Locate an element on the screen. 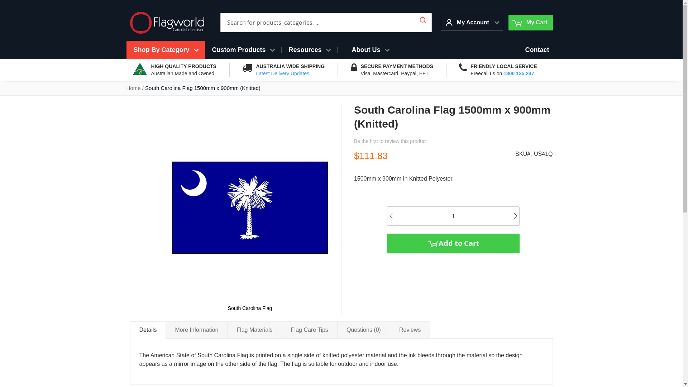 This screenshot has width=688, height=387. 'Custom Products' is located at coordinates (204, 49).